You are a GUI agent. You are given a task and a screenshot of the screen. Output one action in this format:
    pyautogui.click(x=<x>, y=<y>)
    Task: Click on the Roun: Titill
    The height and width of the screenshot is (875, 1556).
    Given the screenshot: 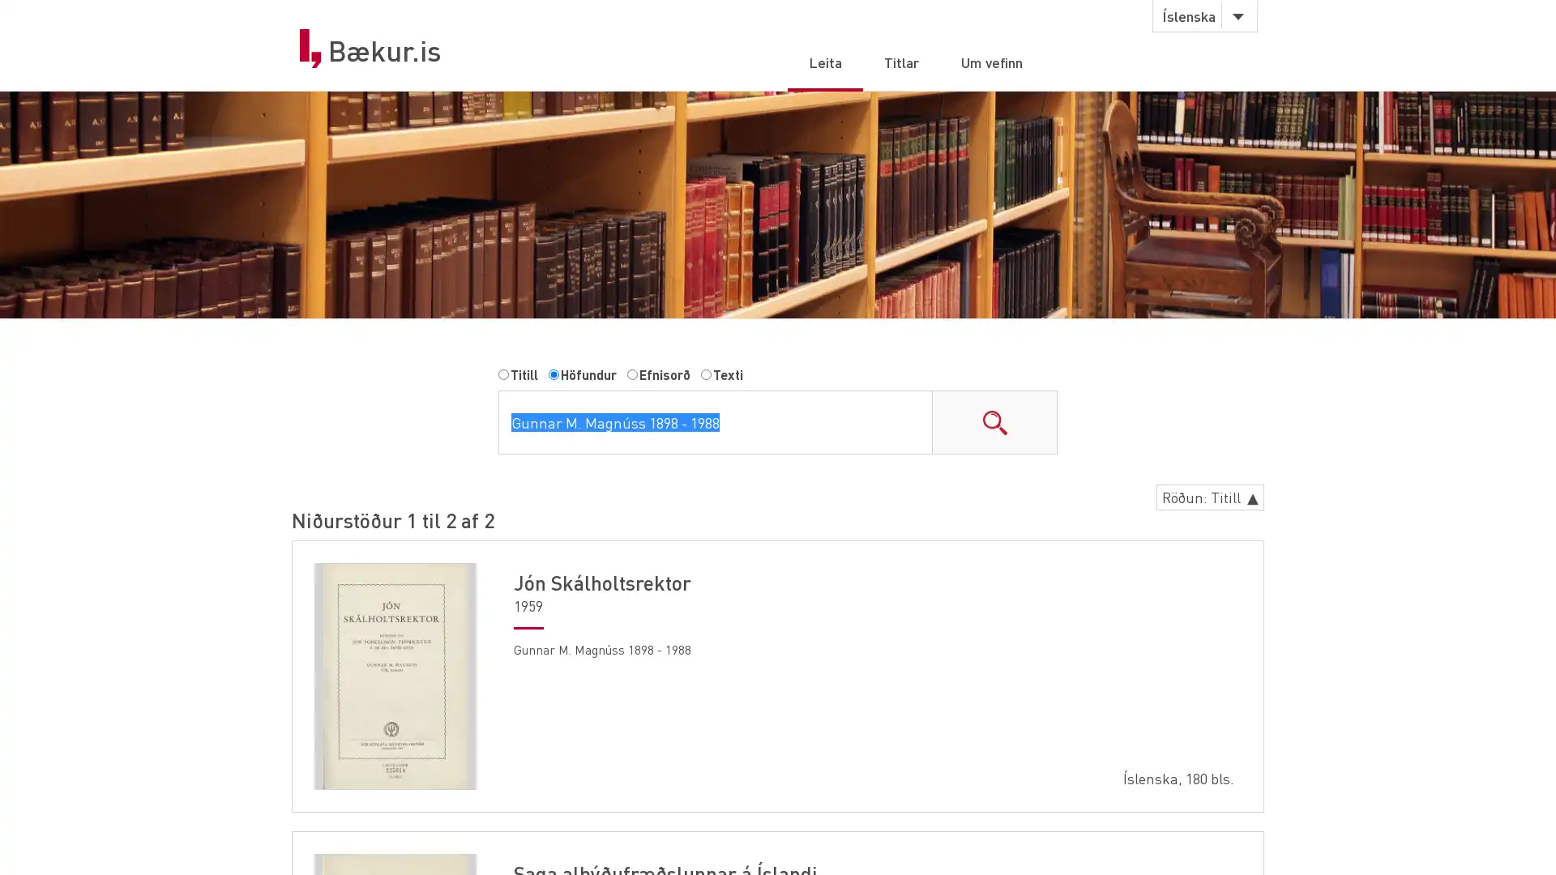 What is the action you would take?
    pyautogui.click(x=1210, y=496)
    